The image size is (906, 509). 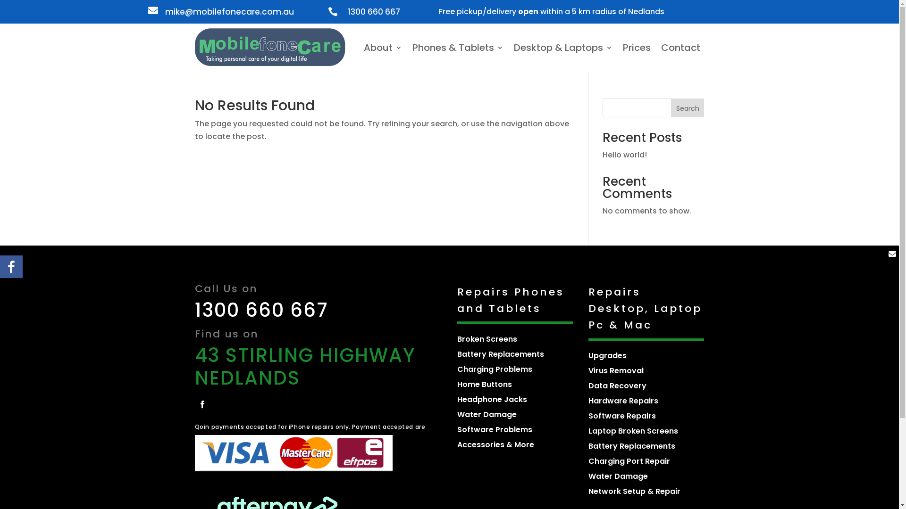 I want to click on 'Headphone Jacks', so click(x=491, y=399).